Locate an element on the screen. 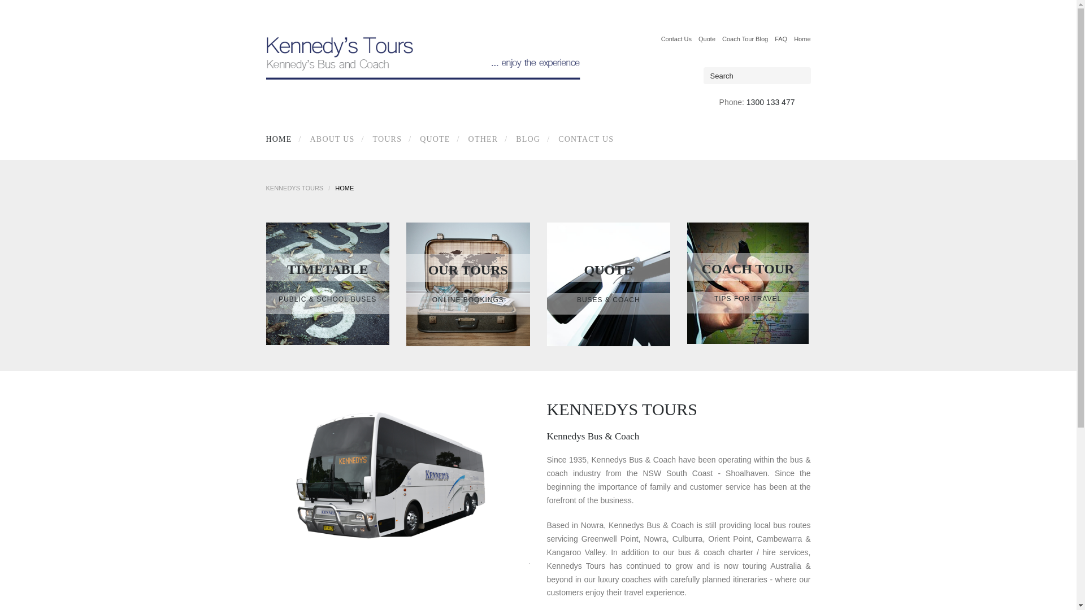 This screenshot has height=610, width=1085. 'BUSES & COACH' is located at coordinates (608, 299).